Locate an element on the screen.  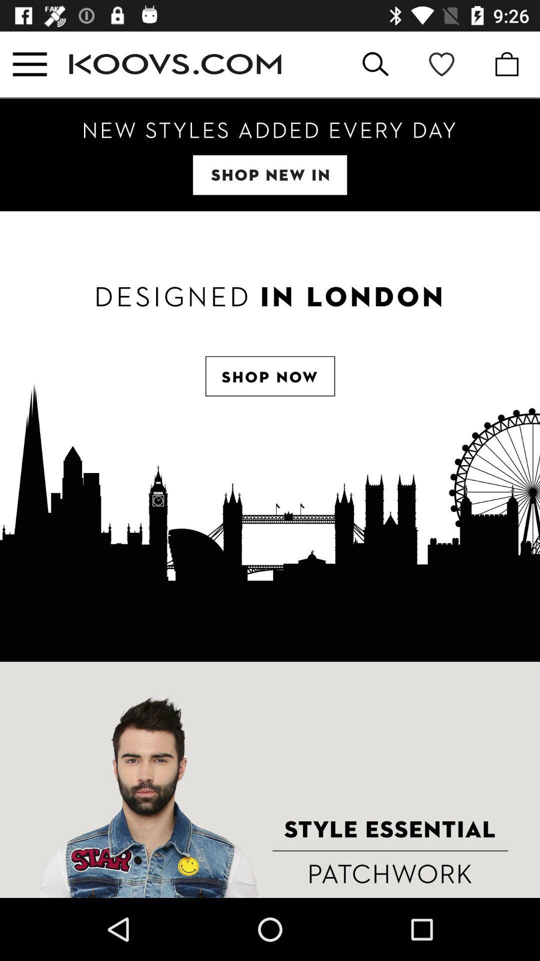
the menu icon is located at coordinates (29, 64).